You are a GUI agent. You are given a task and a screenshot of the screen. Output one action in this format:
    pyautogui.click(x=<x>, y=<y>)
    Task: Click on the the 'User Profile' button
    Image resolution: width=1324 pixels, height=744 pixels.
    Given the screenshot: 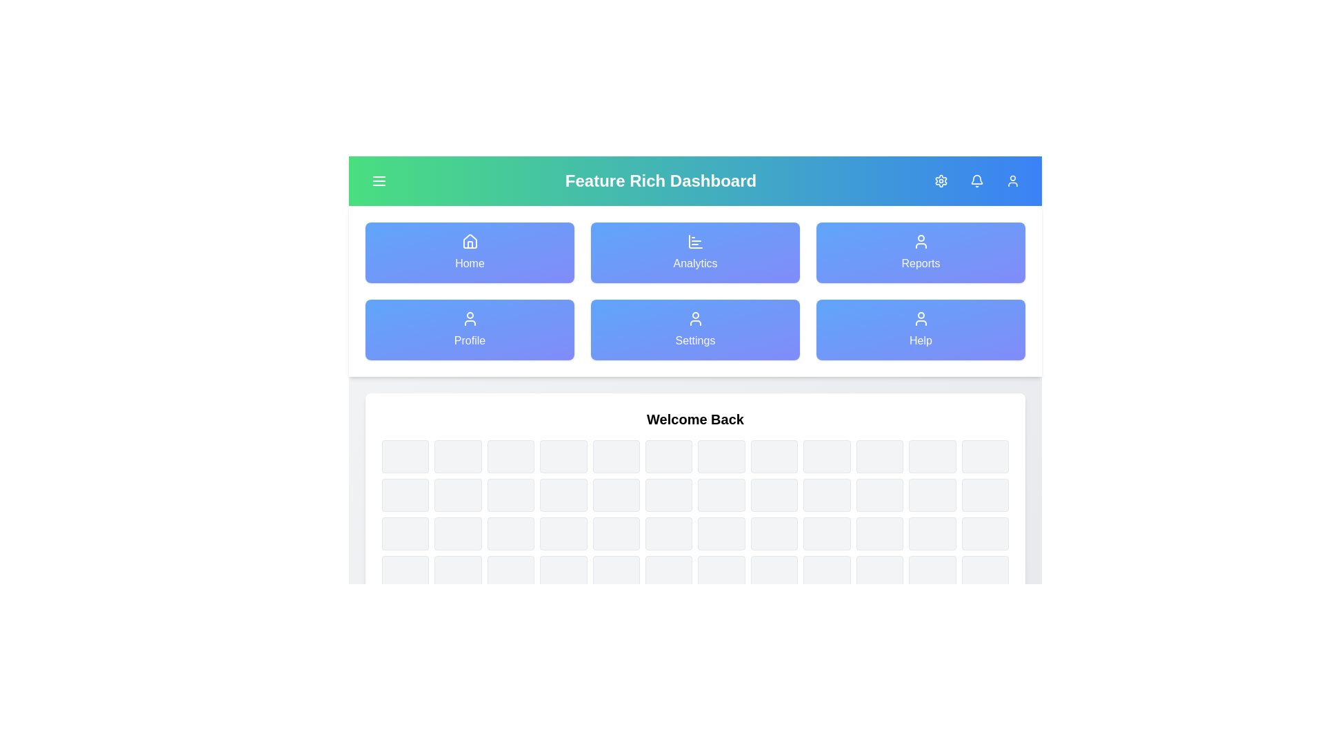 What is the action you would take?
    pyautogui.click(x=1012, y=180)
    